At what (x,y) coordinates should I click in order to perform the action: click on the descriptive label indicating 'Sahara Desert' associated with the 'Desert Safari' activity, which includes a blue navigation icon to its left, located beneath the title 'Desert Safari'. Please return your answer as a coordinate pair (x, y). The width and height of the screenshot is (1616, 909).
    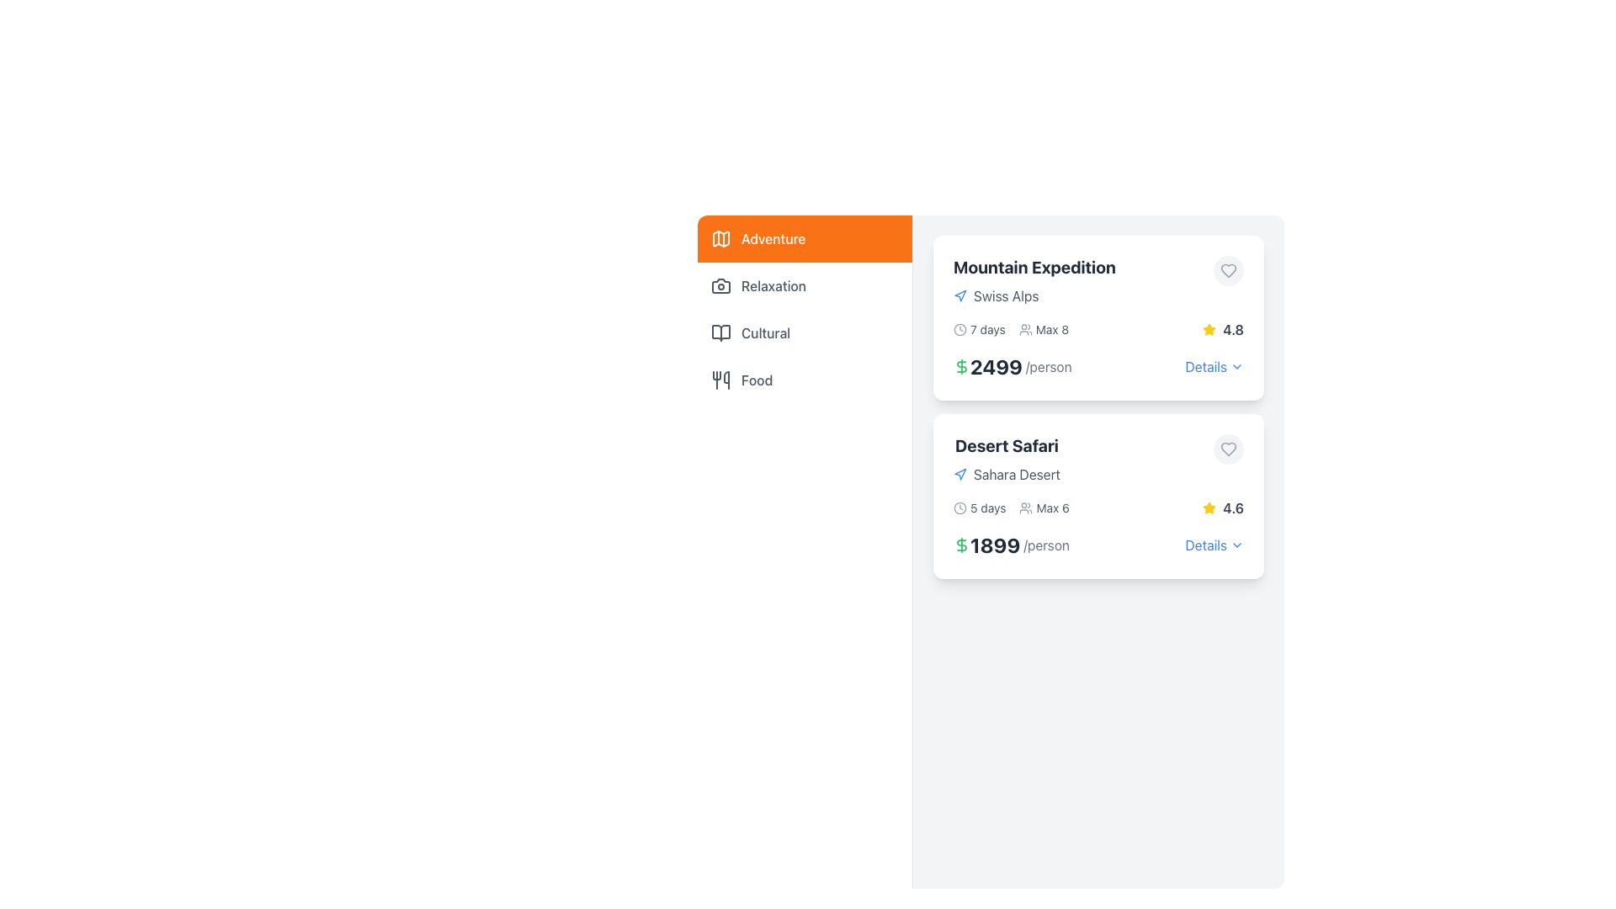
    Looking at the image, I should click on (1007, 474).